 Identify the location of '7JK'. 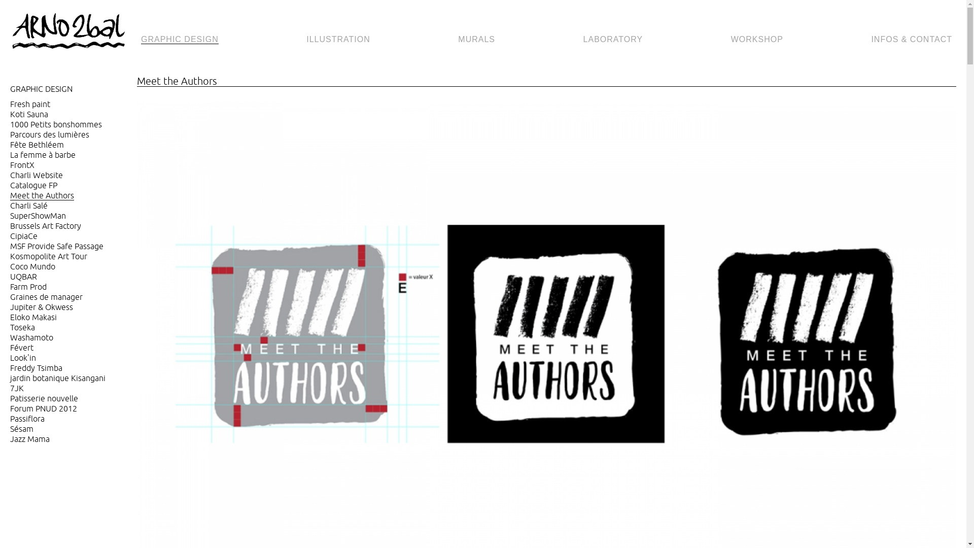
(10, 388).